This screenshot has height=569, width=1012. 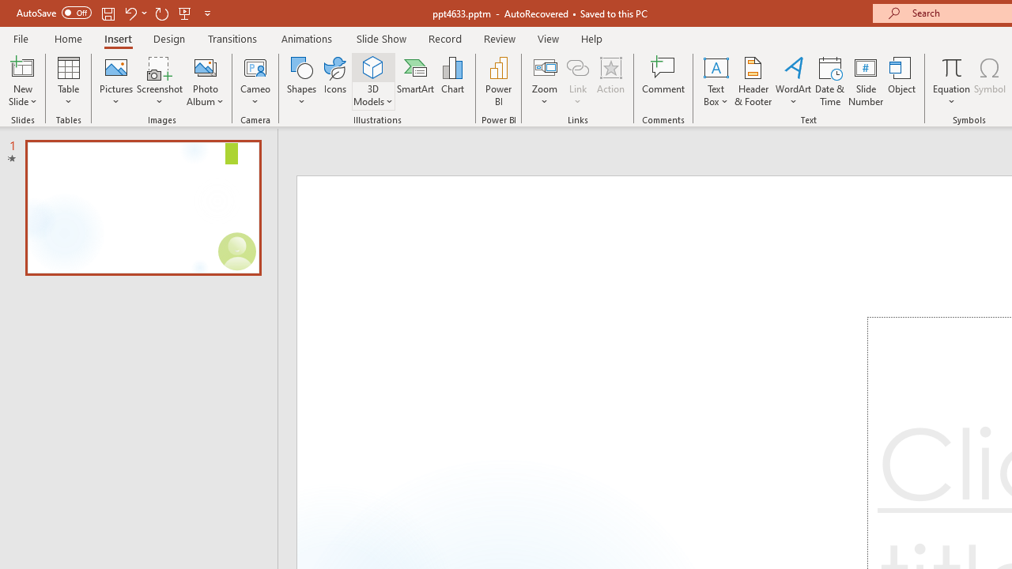 What do you see at coordinates (715, 66) in the screenshot?
I see `'Draw Horizontal Text Box'` at bounding box center [715, 66].